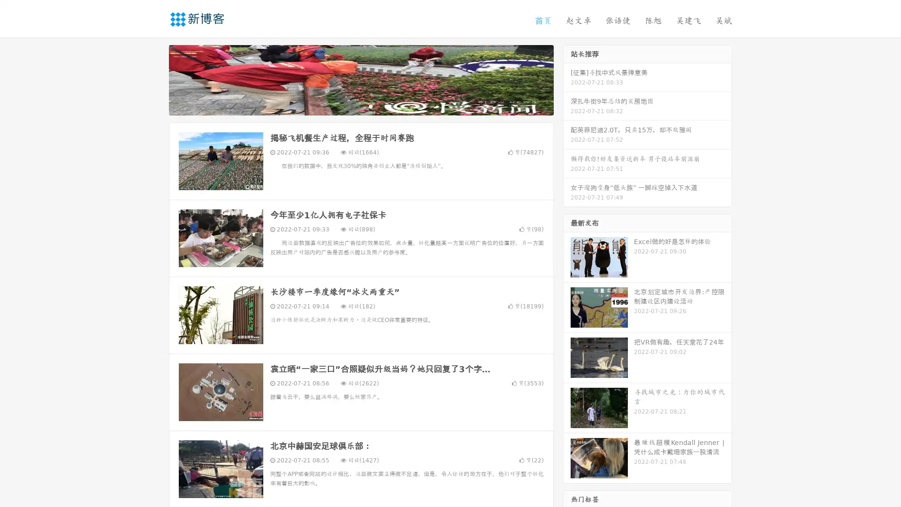  I want to click on Go to slide 1, so click(351, 106).